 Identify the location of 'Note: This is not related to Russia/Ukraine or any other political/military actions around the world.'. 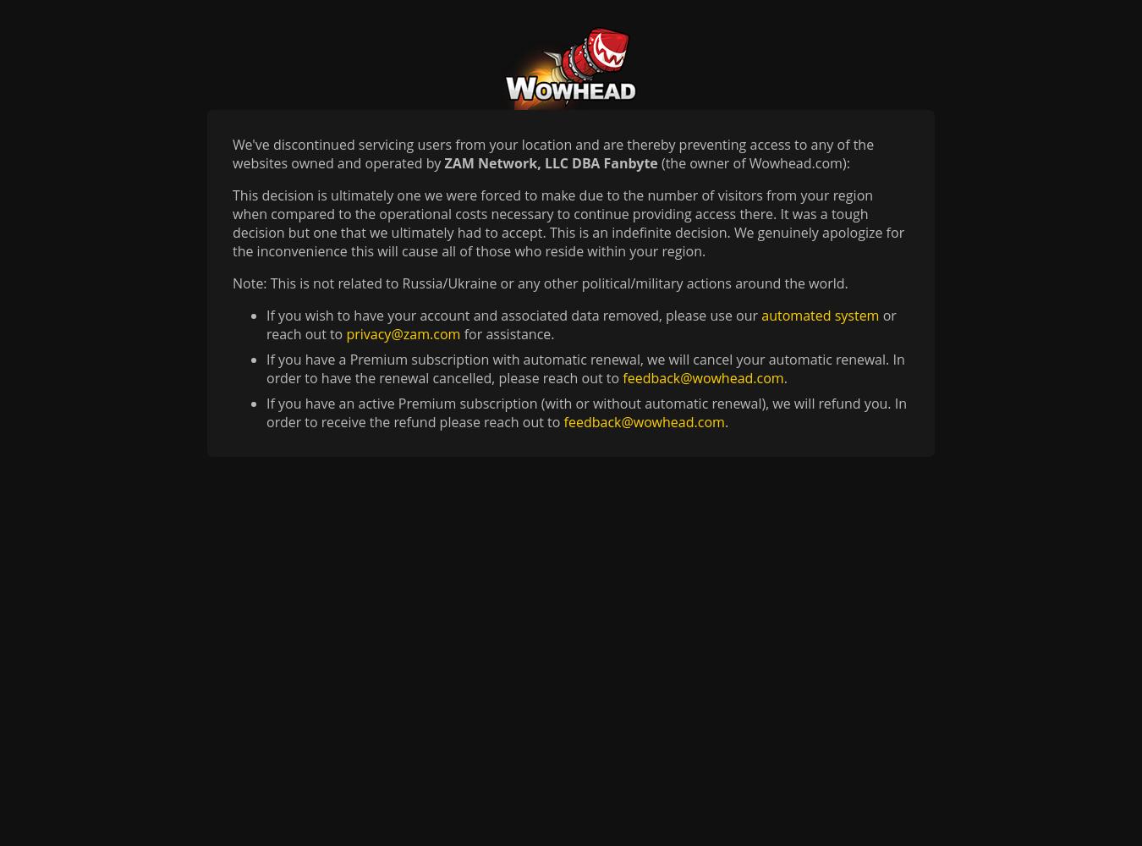
(540, 283).